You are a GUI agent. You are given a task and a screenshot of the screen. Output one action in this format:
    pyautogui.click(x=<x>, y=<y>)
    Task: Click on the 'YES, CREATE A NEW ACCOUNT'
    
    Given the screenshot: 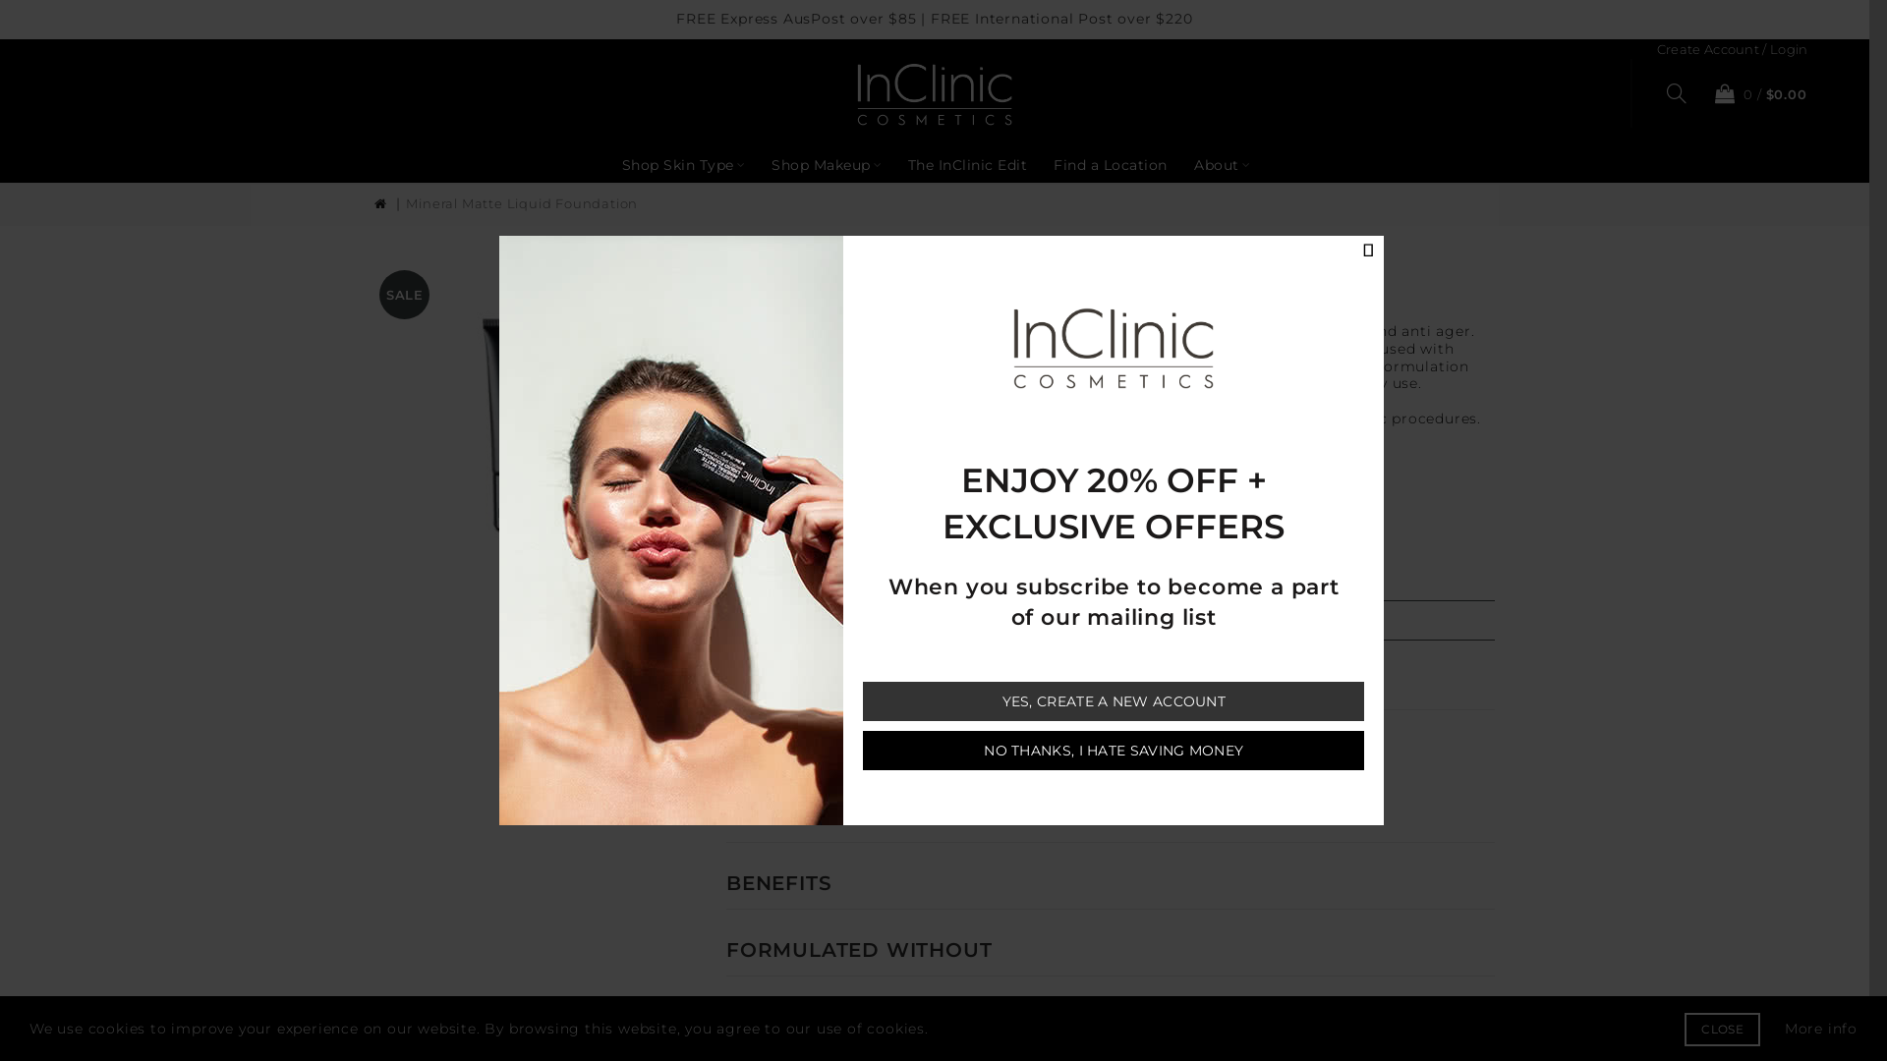 What is the action you would take?
    pyautogui.click(x=1113, y=699)
    